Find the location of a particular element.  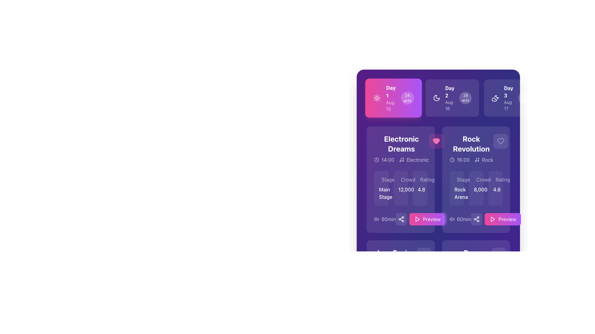

the Rock genre icon located in the top-right section of the 'Rock Revolution' card, which precedes the text 'Rock' is located at coordinates (477, 159).